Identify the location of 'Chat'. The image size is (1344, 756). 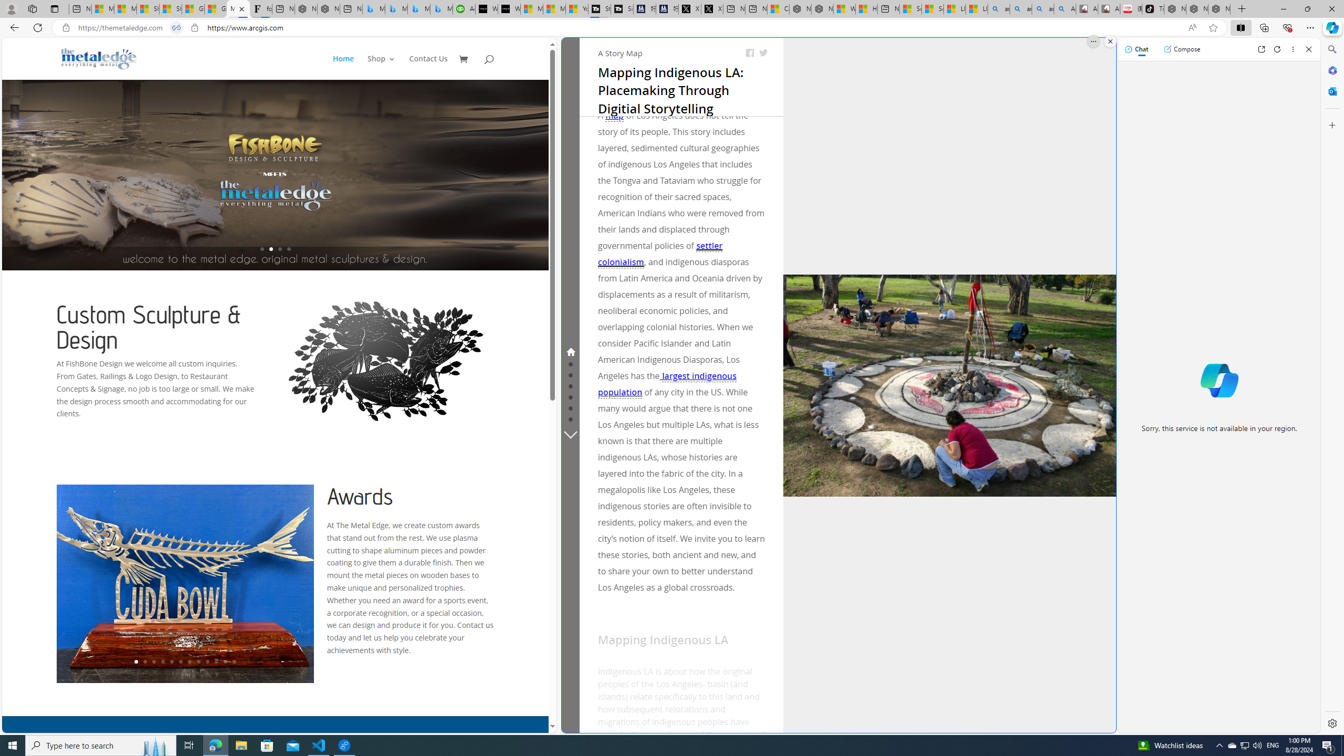
(1136, 48).